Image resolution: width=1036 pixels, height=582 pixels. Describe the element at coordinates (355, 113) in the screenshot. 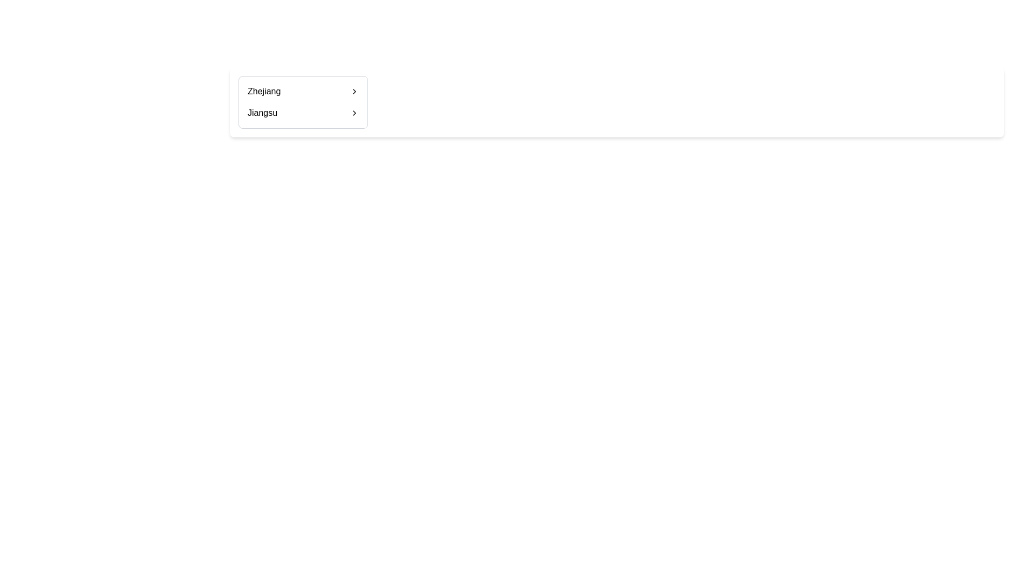

I see `the rightward-pointing chevron icon located to the right of the text label 'Jiangsu' in the dropdown list` at that location.